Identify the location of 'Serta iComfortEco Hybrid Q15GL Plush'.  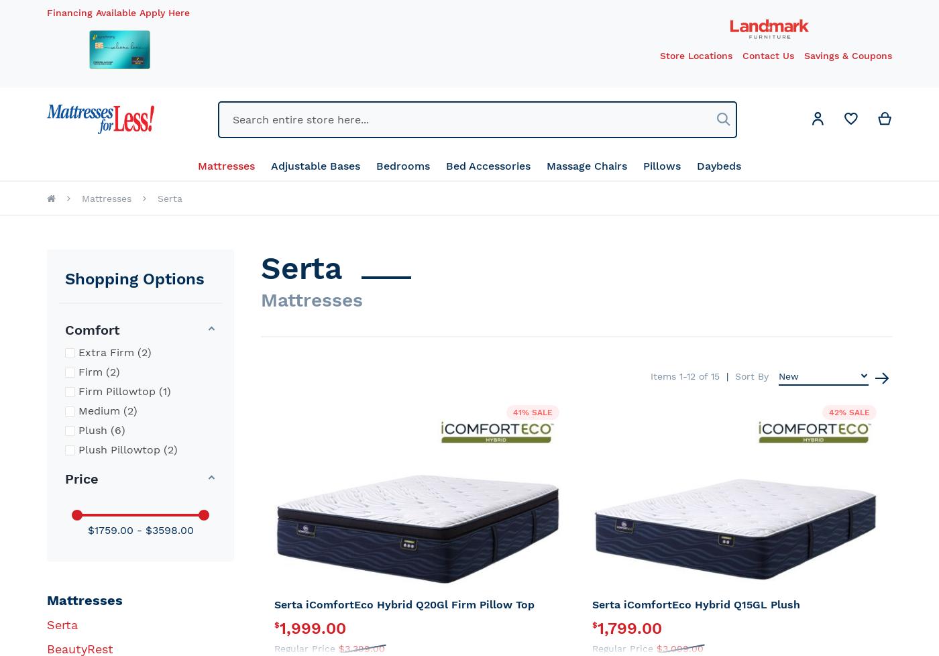
(695, 604).